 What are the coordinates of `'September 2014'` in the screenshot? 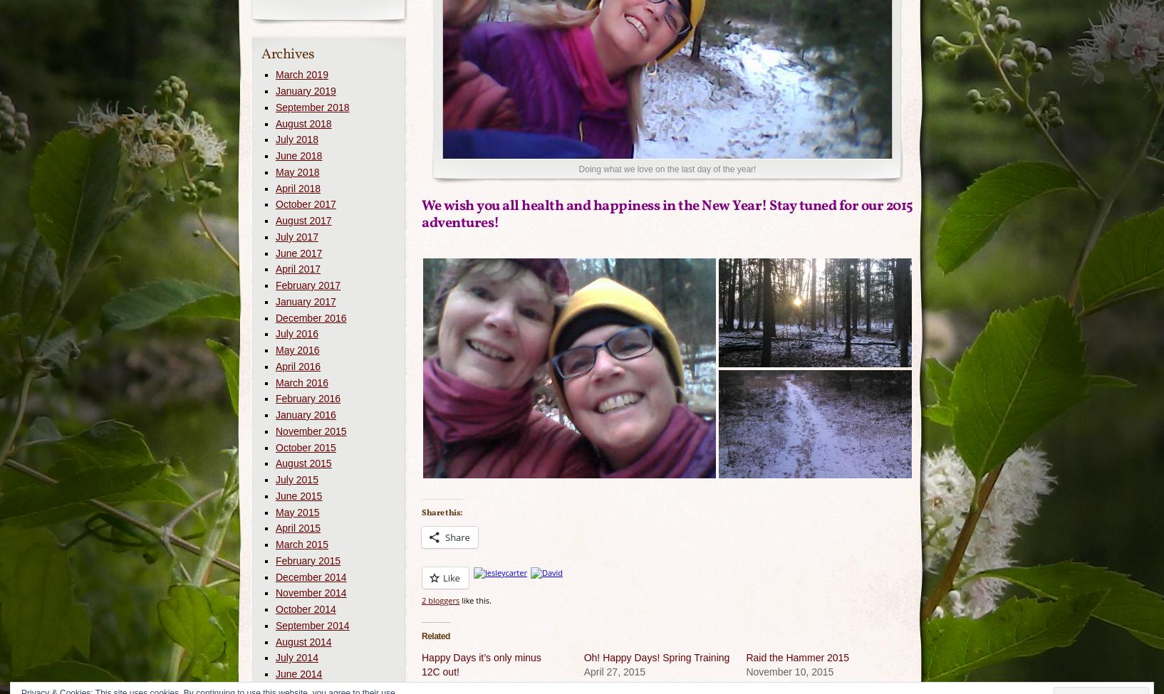 It's located at (312, 624).